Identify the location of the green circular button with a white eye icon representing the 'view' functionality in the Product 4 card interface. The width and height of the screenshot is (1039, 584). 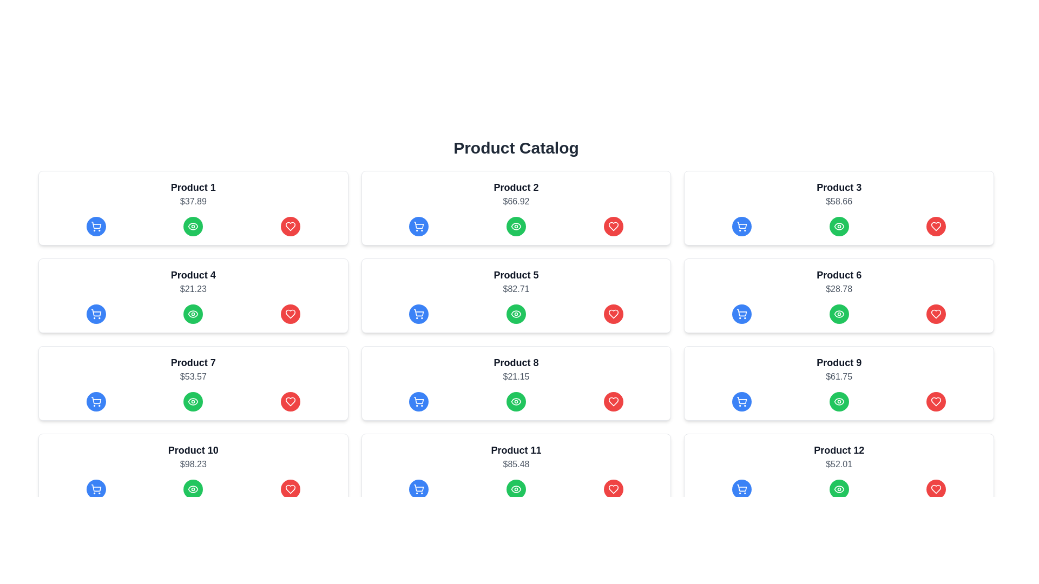
(193, 314).